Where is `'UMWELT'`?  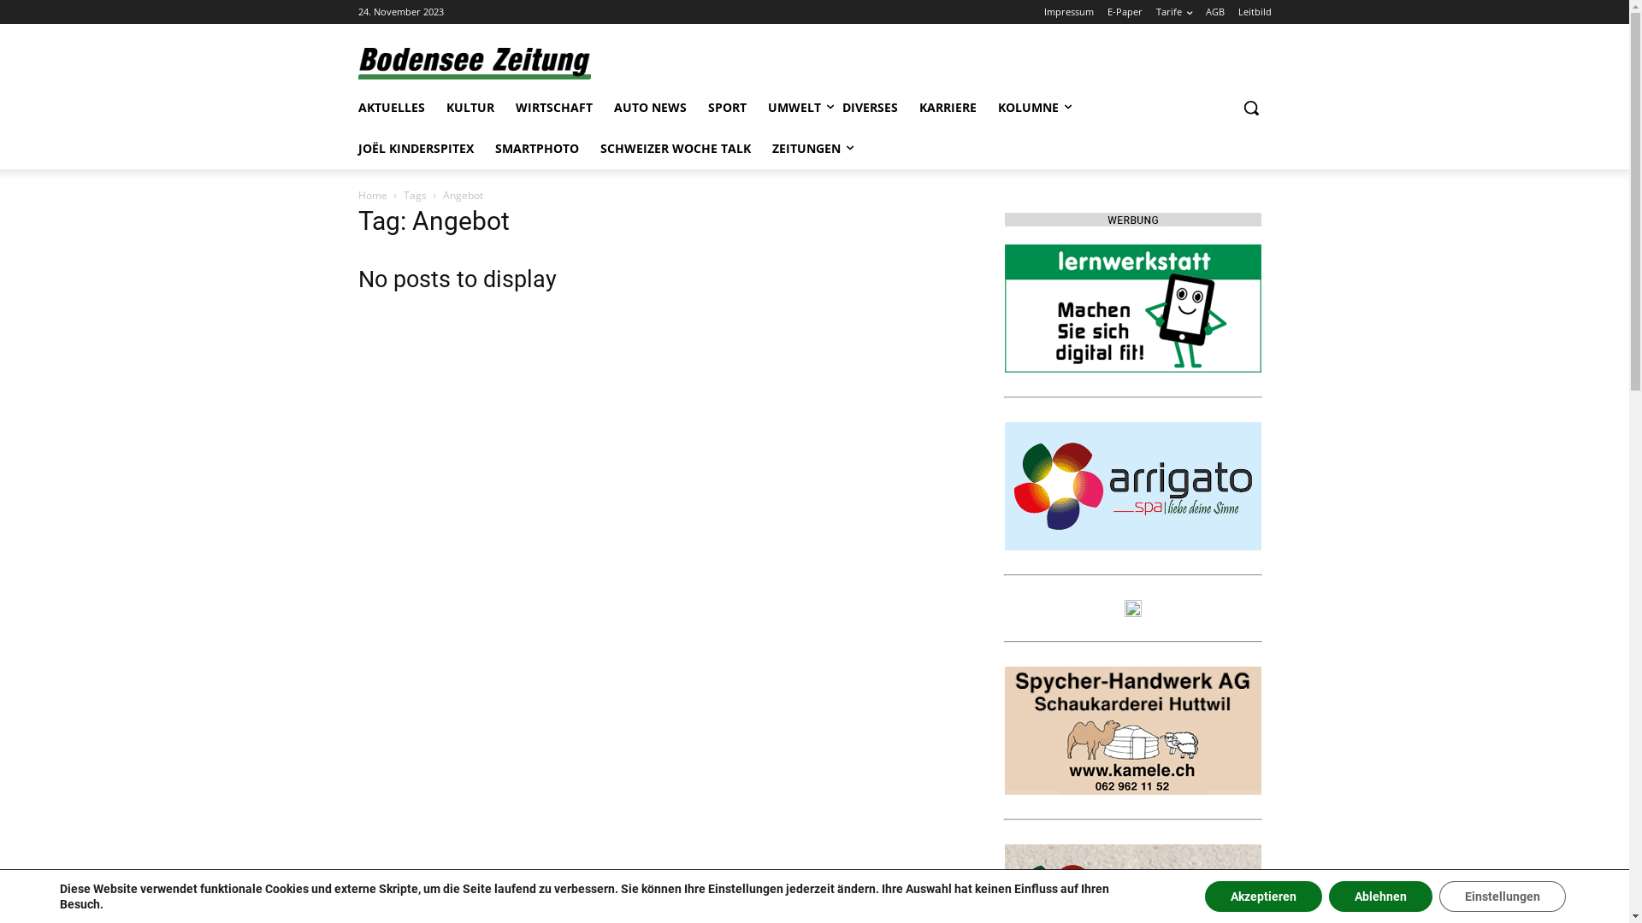
'UMWELT' is located at coordinates (794, 108).